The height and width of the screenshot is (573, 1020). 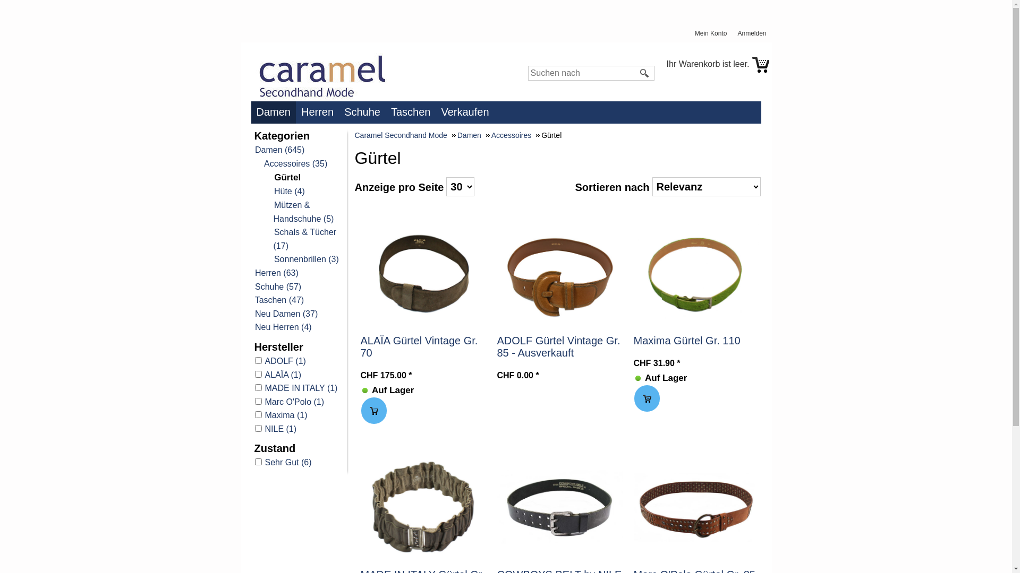 What do you see at coordinates (283, 326) in the screenshot?
I see `'Neu Herren (4)'` at bounding box center [283, 326].